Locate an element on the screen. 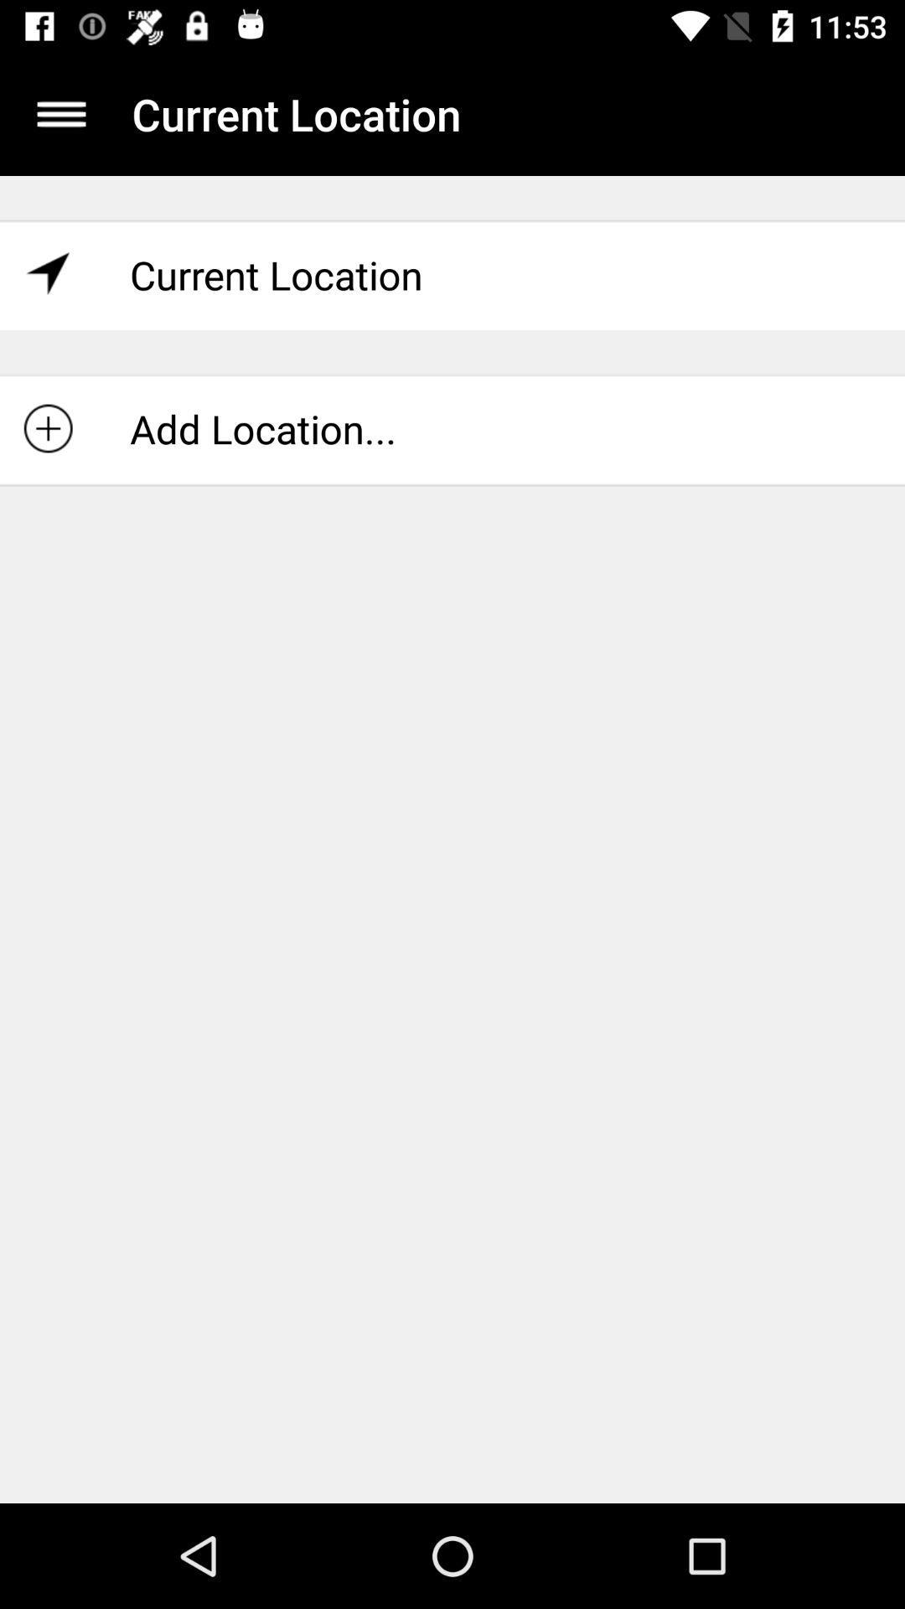 This screenshot has height=1609, width=905. the app next to the current location item is located at coordinates (60, 113).